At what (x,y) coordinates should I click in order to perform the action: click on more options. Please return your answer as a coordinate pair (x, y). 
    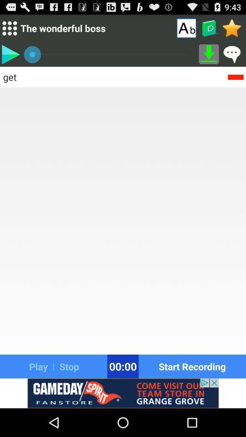
    Looking at the image, I should click on (9, 28).